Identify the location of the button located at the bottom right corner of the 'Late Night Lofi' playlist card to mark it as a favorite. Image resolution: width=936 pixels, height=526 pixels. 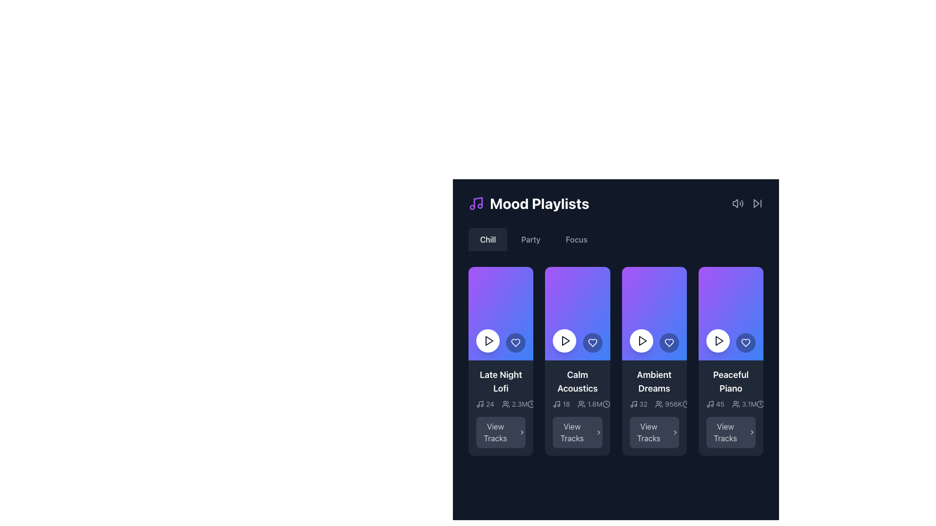
(515, 342).